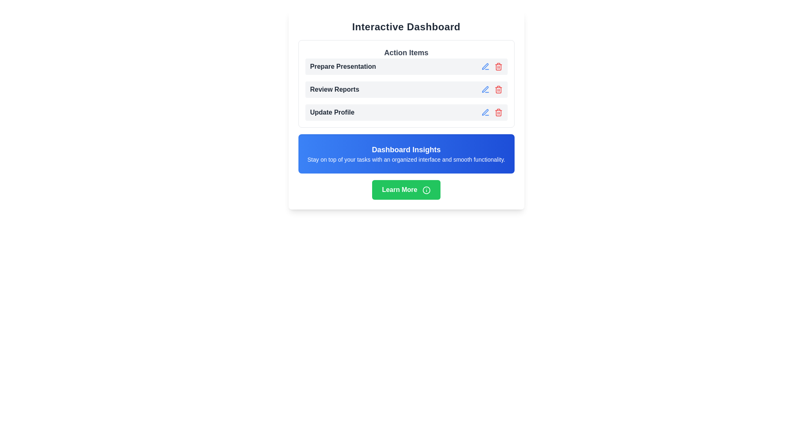  What do you see at coordinates (426, 190) in the screenshot?
I see `the informational icon located to the right of the 'Learn More' button` at bounding box center [426, 190].